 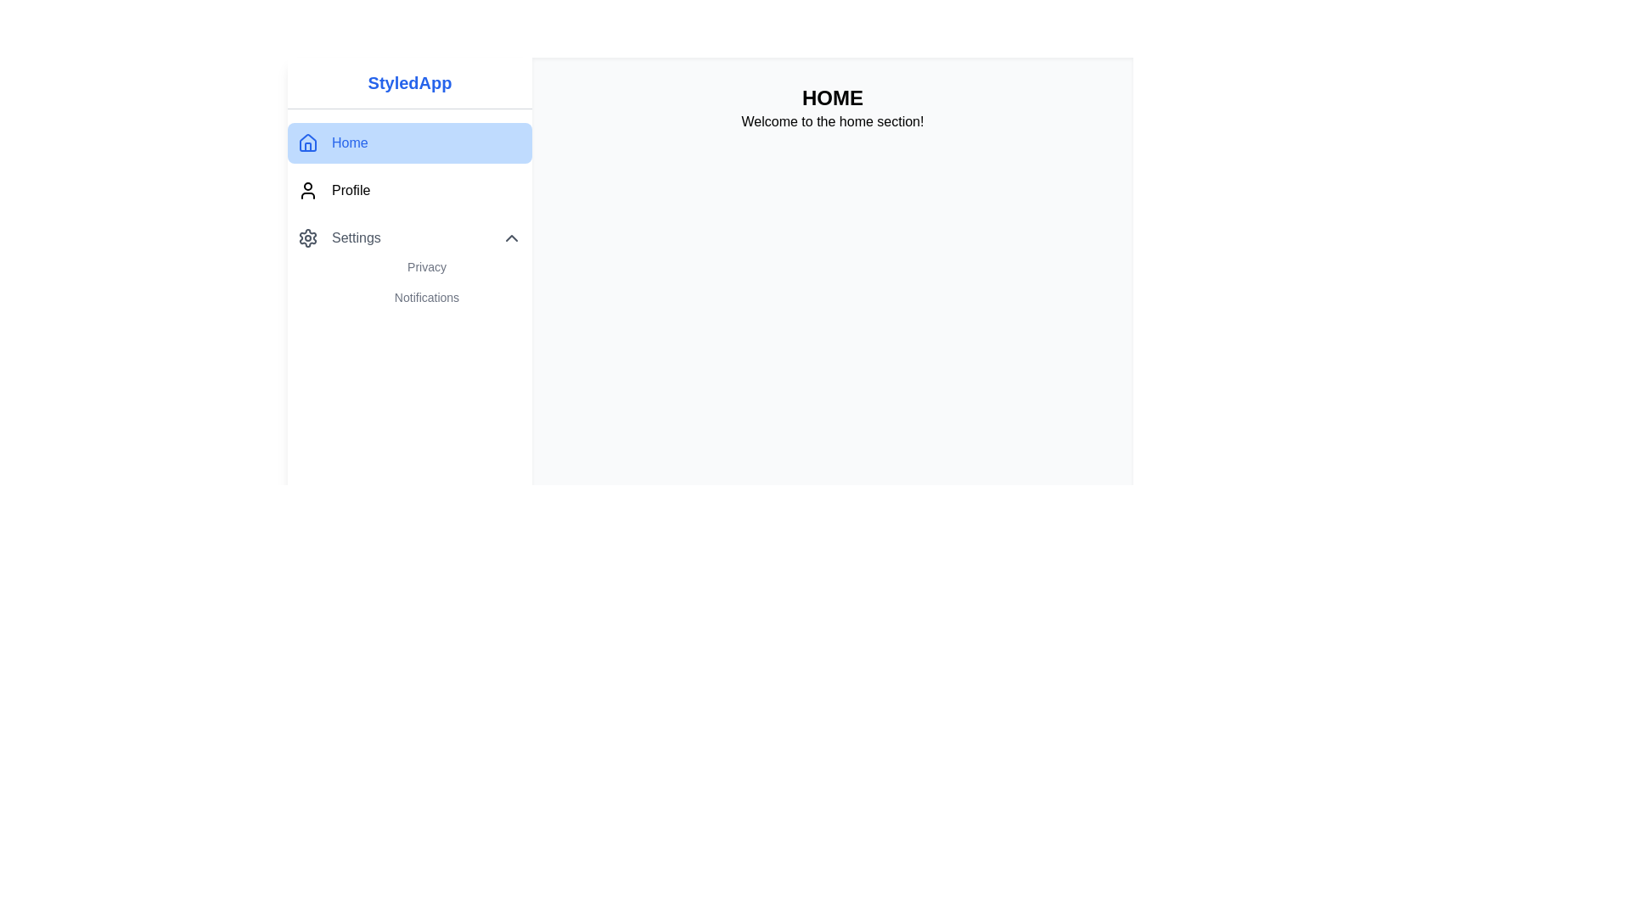 What do you see at coordinates (427, 267) in the screenshot?
I see `the 'Privacy' navigation link styled with gray color and a hover effect that changes its text color to blue, located in the 'Settings' sidebar above the 'Notifications' element` at bounding box center [427, 267].